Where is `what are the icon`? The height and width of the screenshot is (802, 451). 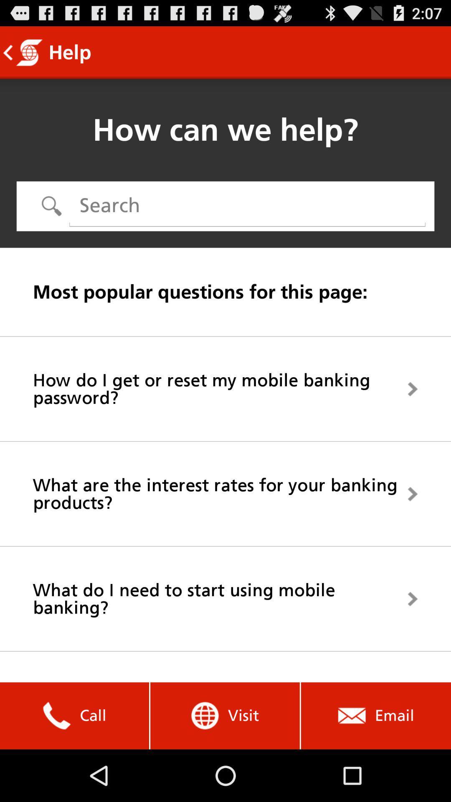 what are the icon is located at coordinates (225, 494).